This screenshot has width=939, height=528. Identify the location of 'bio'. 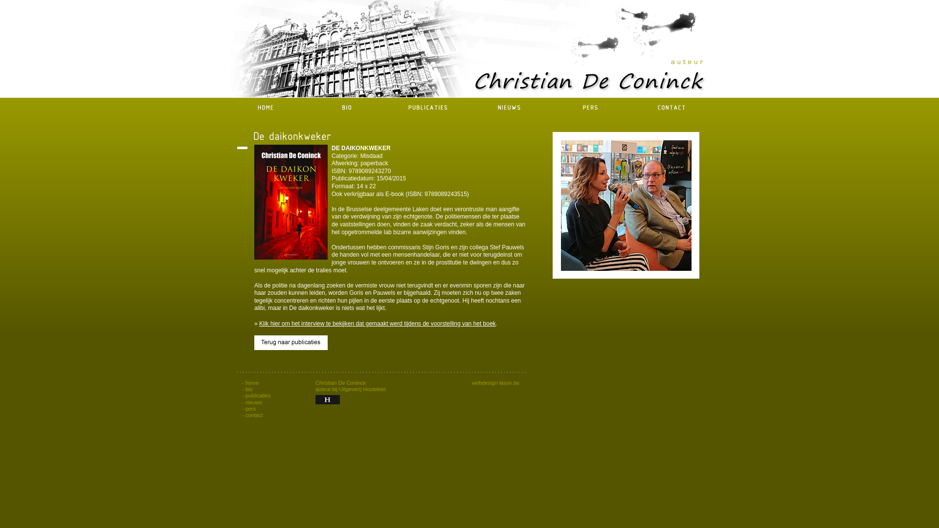
(249, 388).